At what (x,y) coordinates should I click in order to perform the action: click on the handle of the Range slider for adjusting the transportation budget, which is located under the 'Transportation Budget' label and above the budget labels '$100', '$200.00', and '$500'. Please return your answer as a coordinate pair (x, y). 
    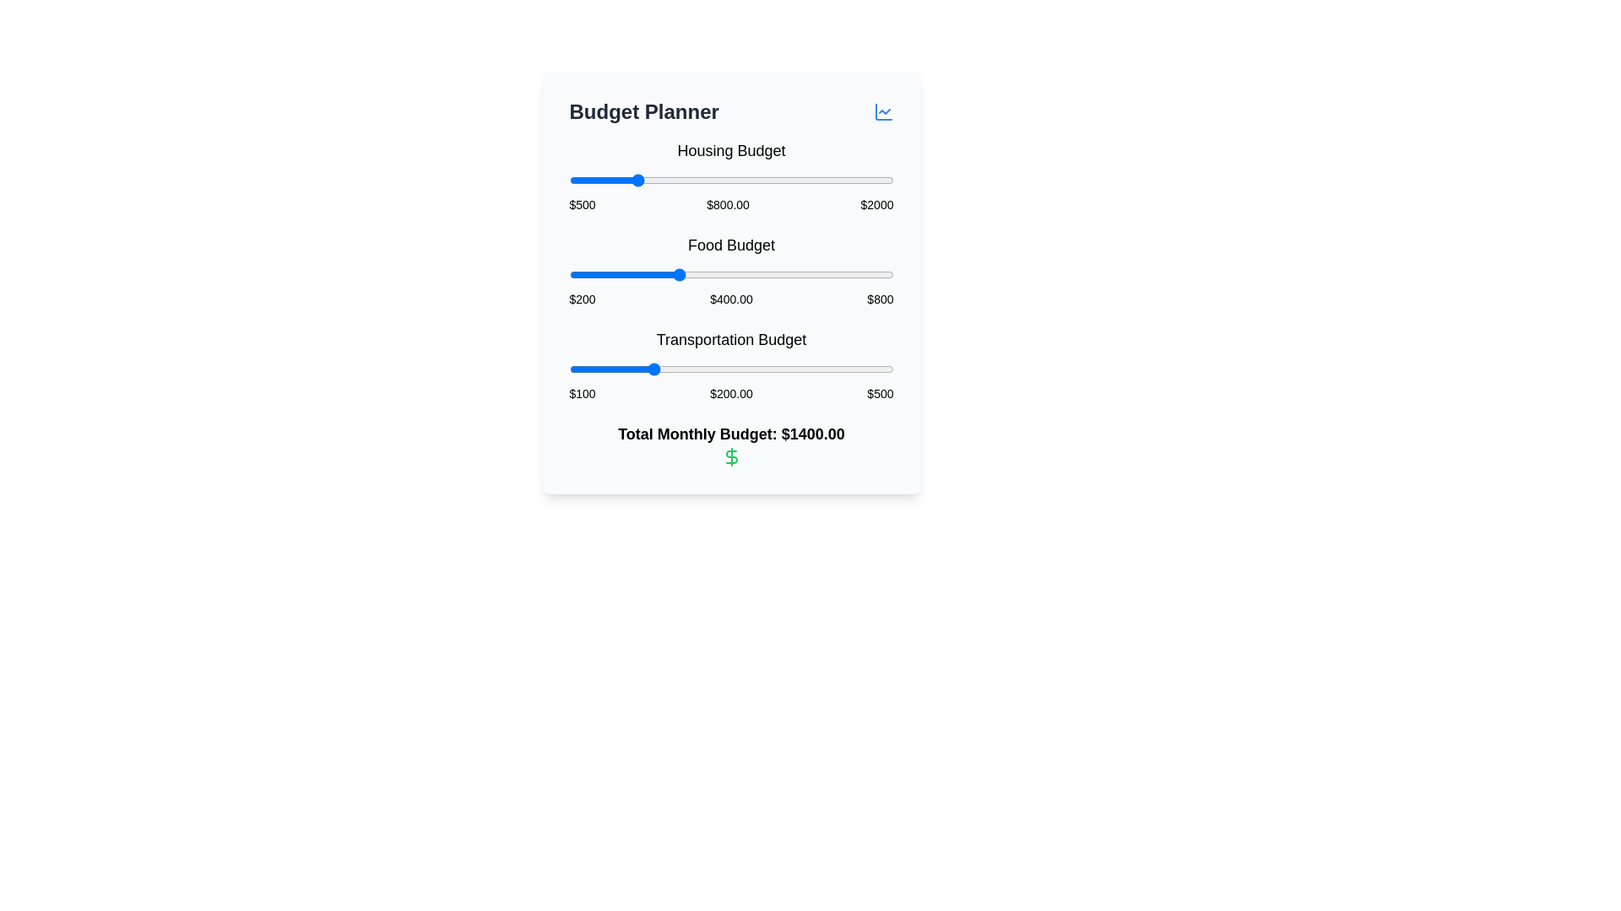
    Looking at the image, I should click on (731, 369).